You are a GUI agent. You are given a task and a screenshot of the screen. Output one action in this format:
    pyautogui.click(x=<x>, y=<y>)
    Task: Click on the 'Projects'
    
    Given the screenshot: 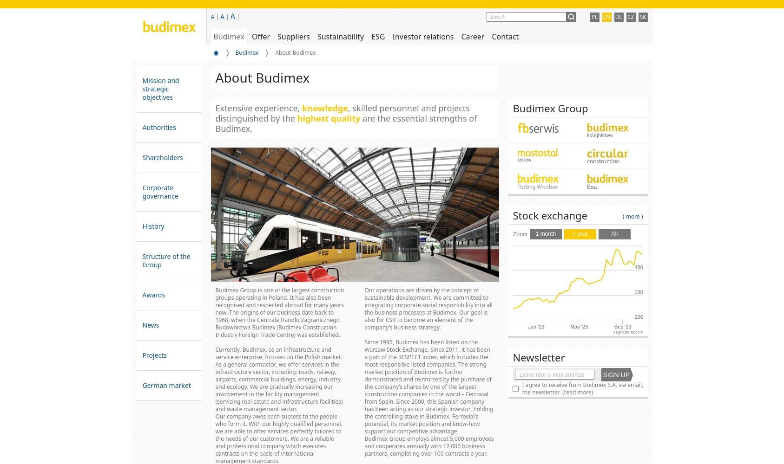 What is the action you would take?
    pyautogui.click(x=142, y=355)
    